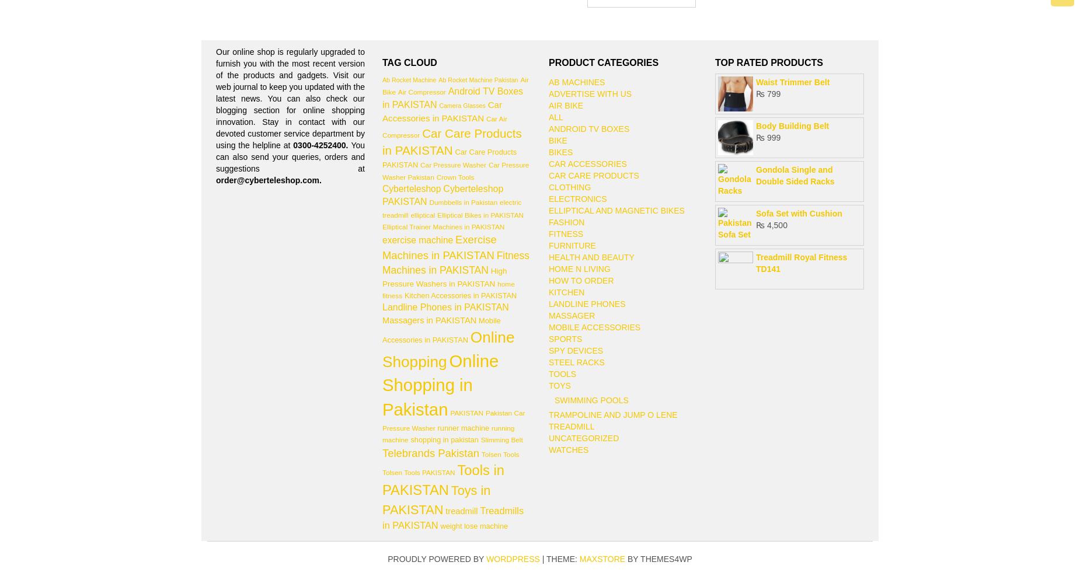 The image size is (1080, 576). What do you see at coordinates (480, 439) in the screenshot?
I see `'Slimming Belt'` at bounding box center [480, 439].